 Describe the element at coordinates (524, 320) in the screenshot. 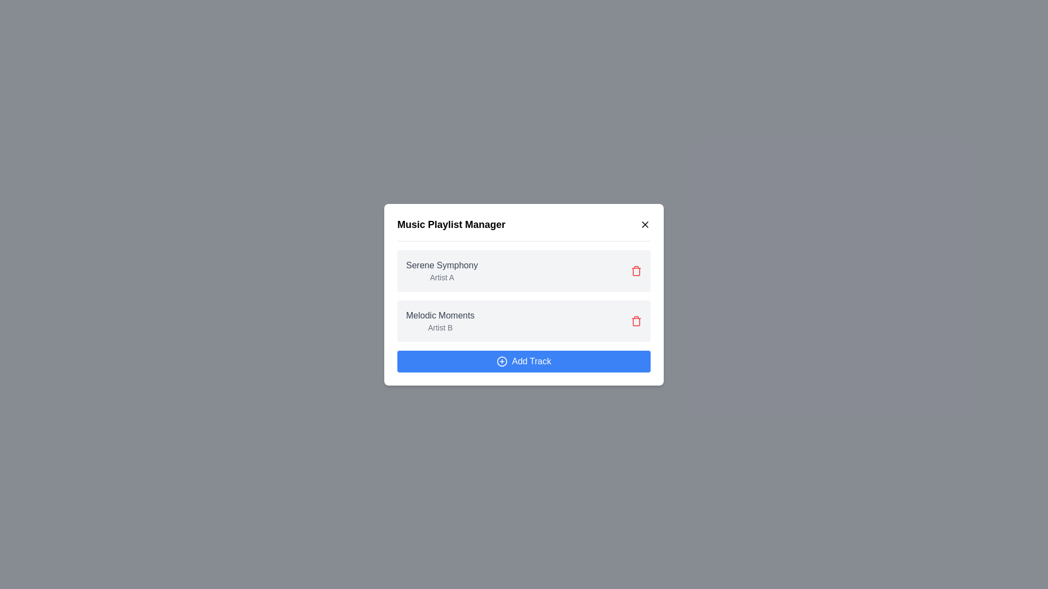

I see `the list item labeled 'Melodic Moments Artist B'` at that location.